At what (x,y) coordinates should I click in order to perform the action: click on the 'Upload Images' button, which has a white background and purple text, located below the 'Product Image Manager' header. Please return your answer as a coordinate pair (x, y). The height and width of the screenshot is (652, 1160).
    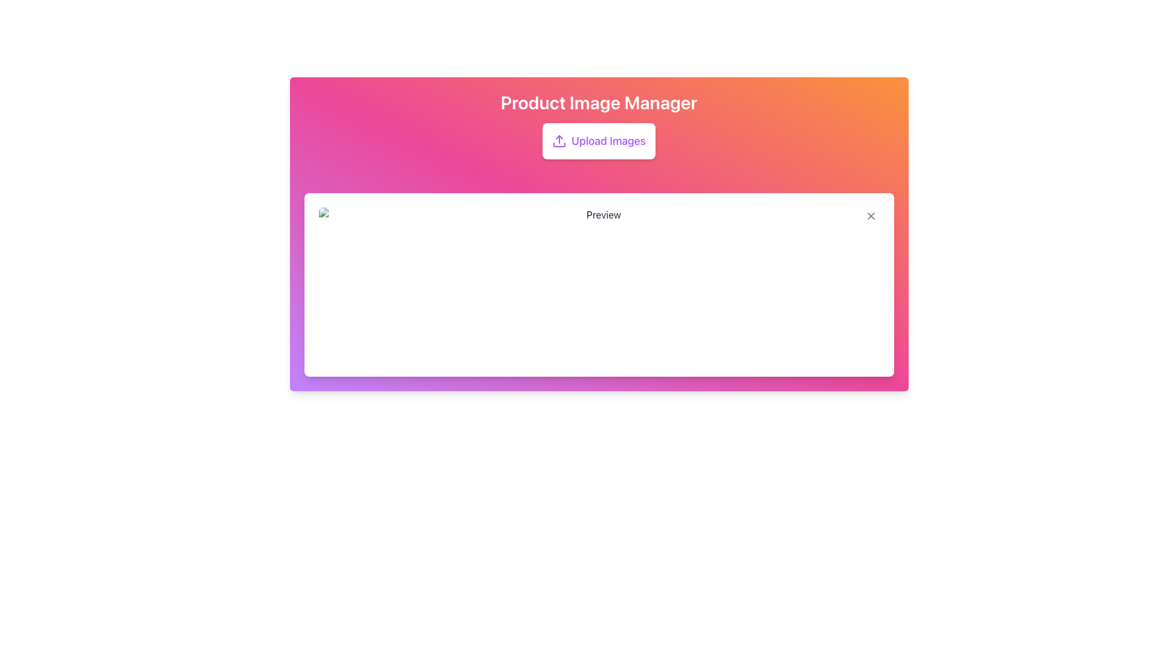
    Looking at the image, I should click on (599, 141).